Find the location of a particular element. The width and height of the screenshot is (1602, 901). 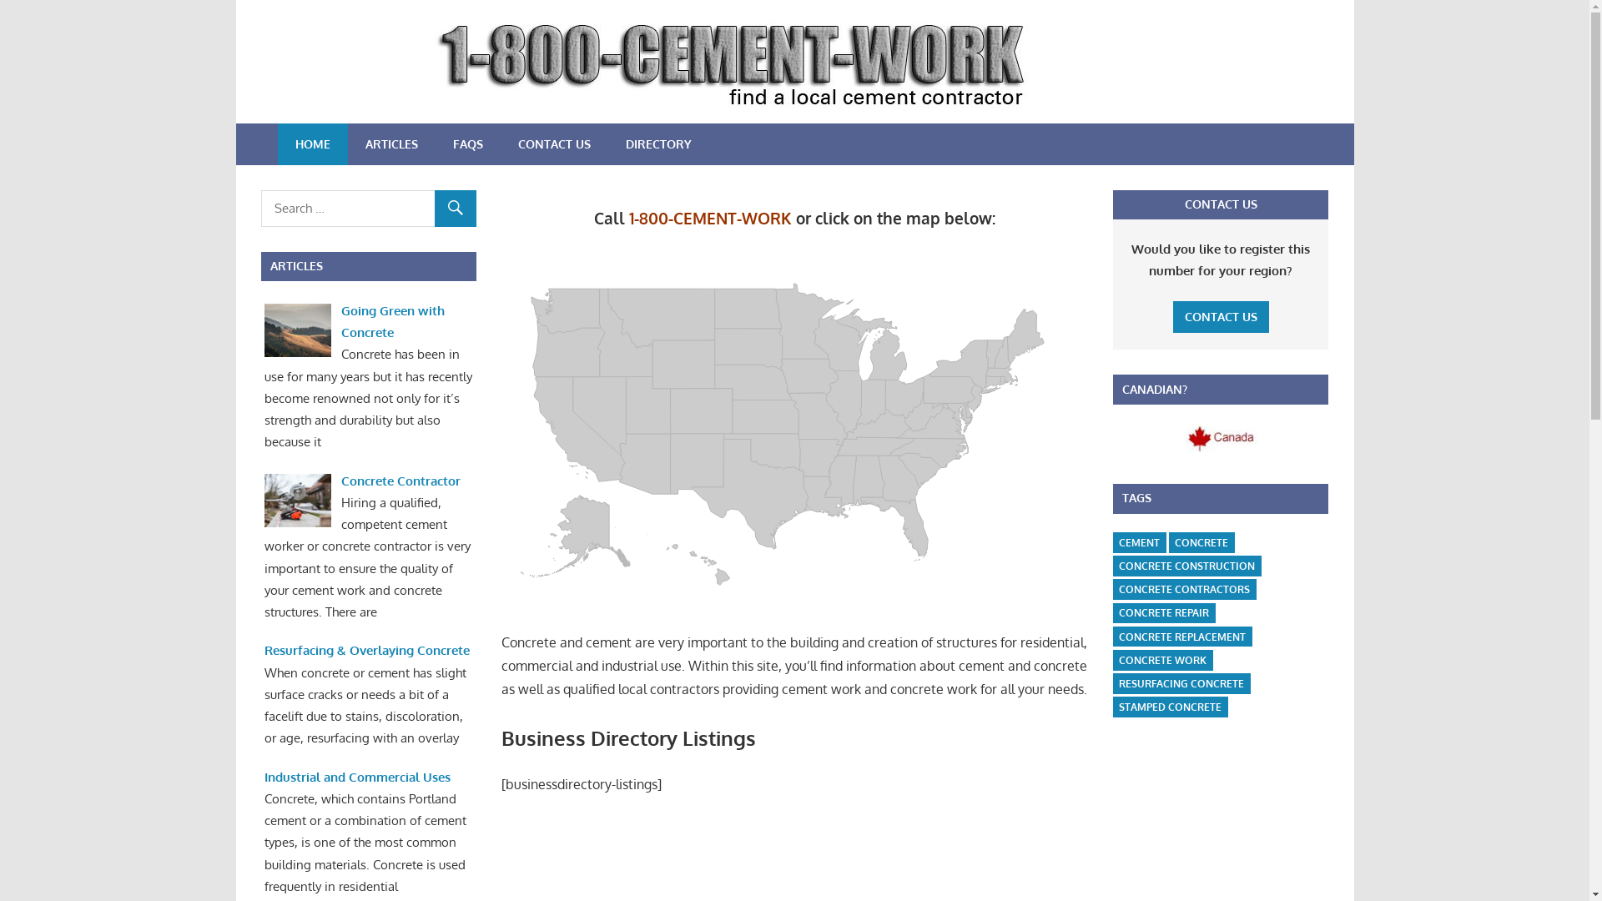

'CEMENT' is located at coordinates (1138, 542).